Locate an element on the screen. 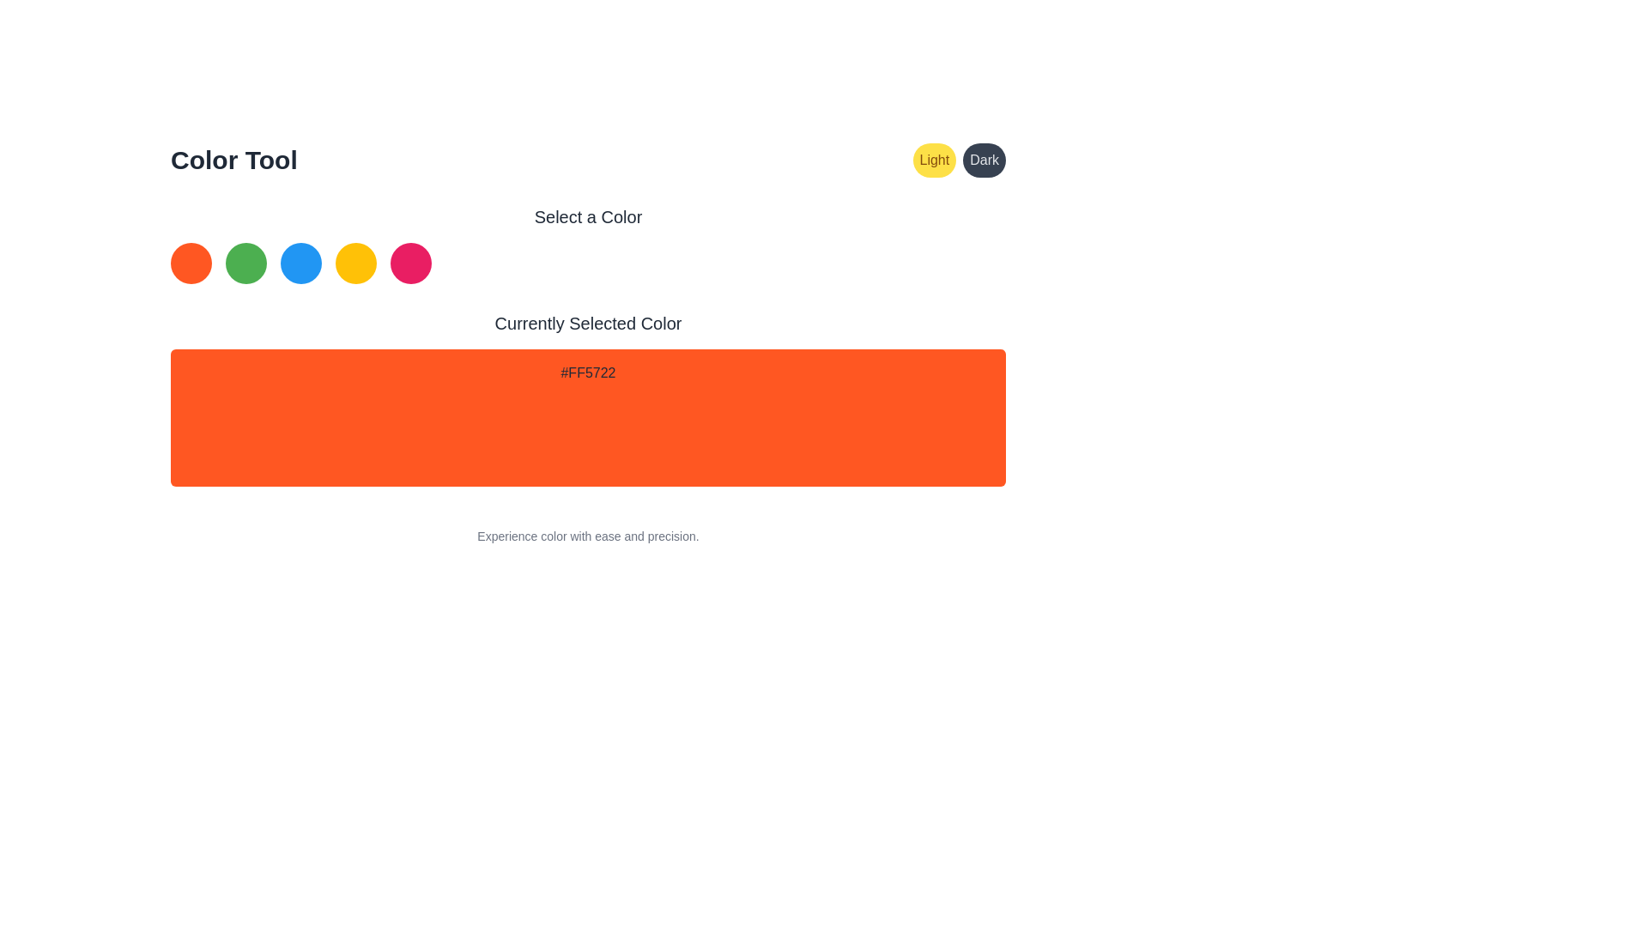 This screenshot has width=1648, height=927. the 'Light' button on the Toggle switch is located at coordinates (958, 160).